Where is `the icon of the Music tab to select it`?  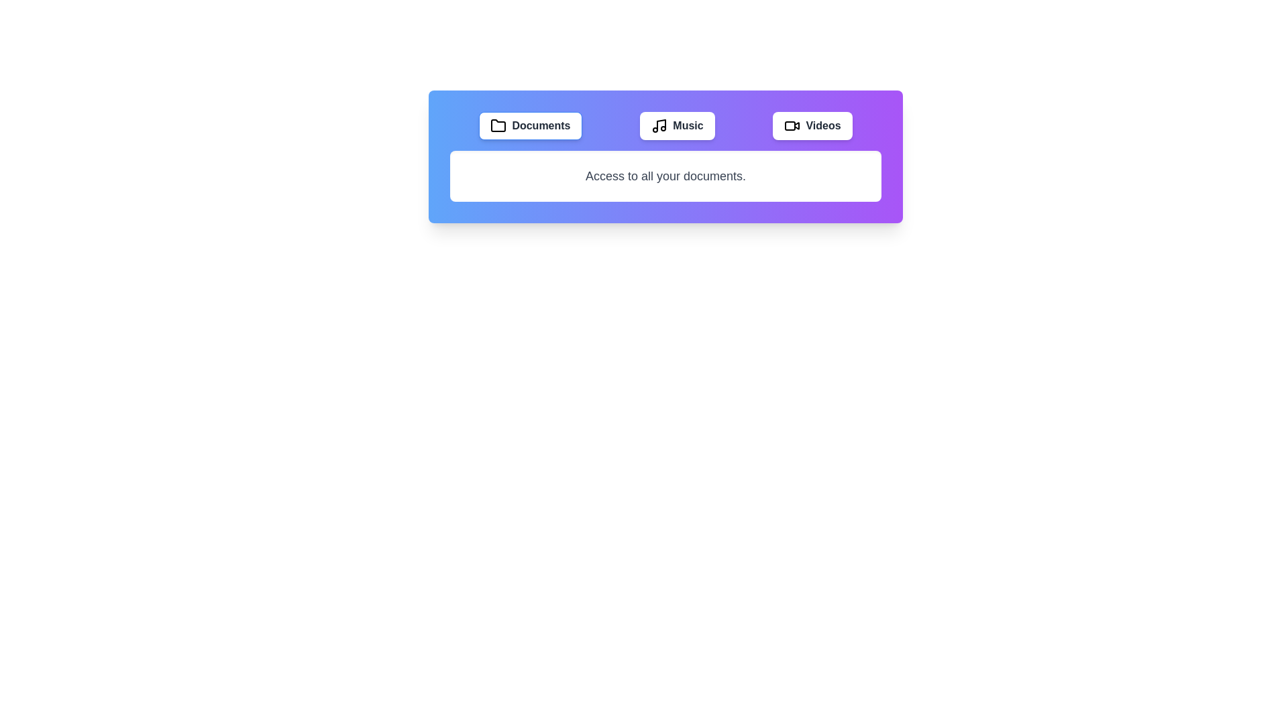
the icon of the Music tab to select it is located at coordinates (659, 126).